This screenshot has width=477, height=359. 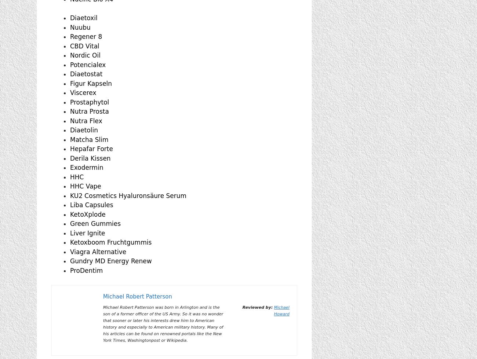 What do you see at coordinates (86, 167) in the screenshot?
I see `'Exodermin'` at bounding box center [86, 167].